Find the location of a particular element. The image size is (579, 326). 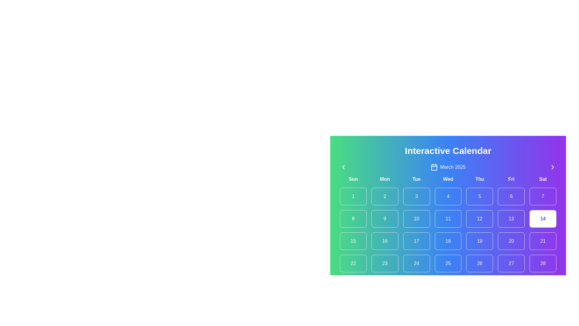

the square button with the number '12' in white text on a blue gradient background located in the fifth column of the third row of the calendar is located at coordinates (479, 219).